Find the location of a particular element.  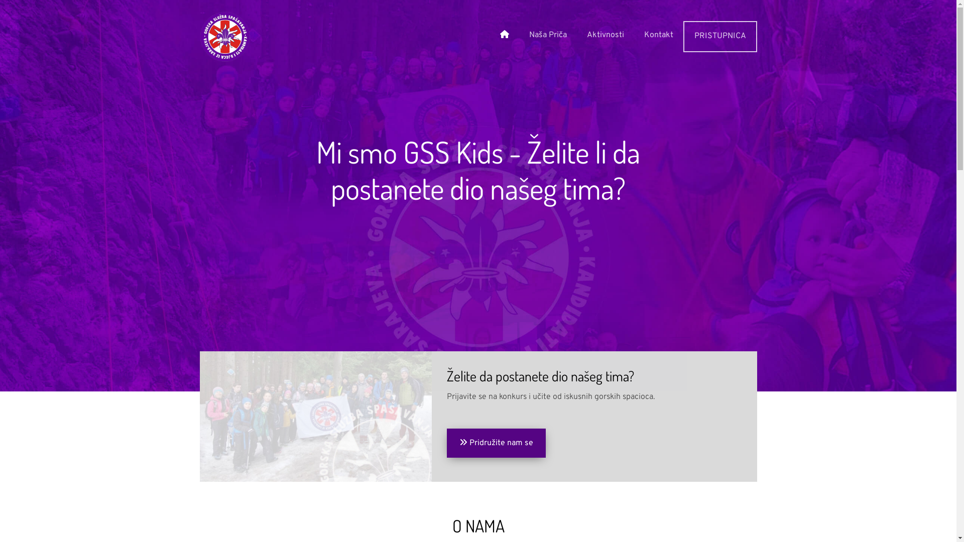

'PRISTUPNICA' is located at coordinates (682, 36).